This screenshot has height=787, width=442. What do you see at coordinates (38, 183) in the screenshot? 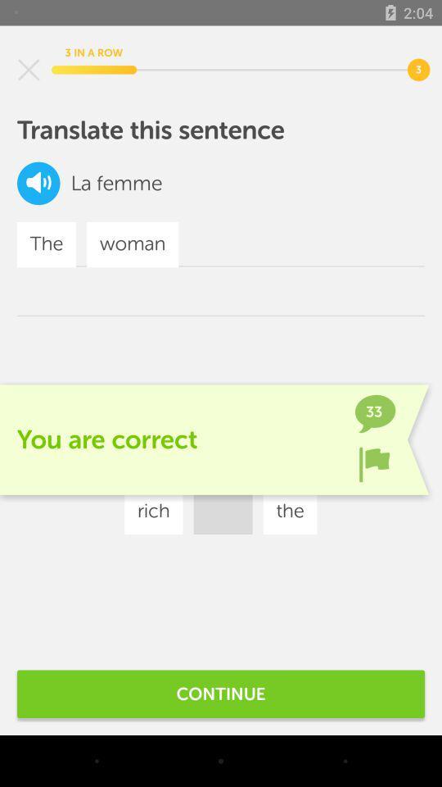
I see `say the phrase` at bounding box center [38, 183].